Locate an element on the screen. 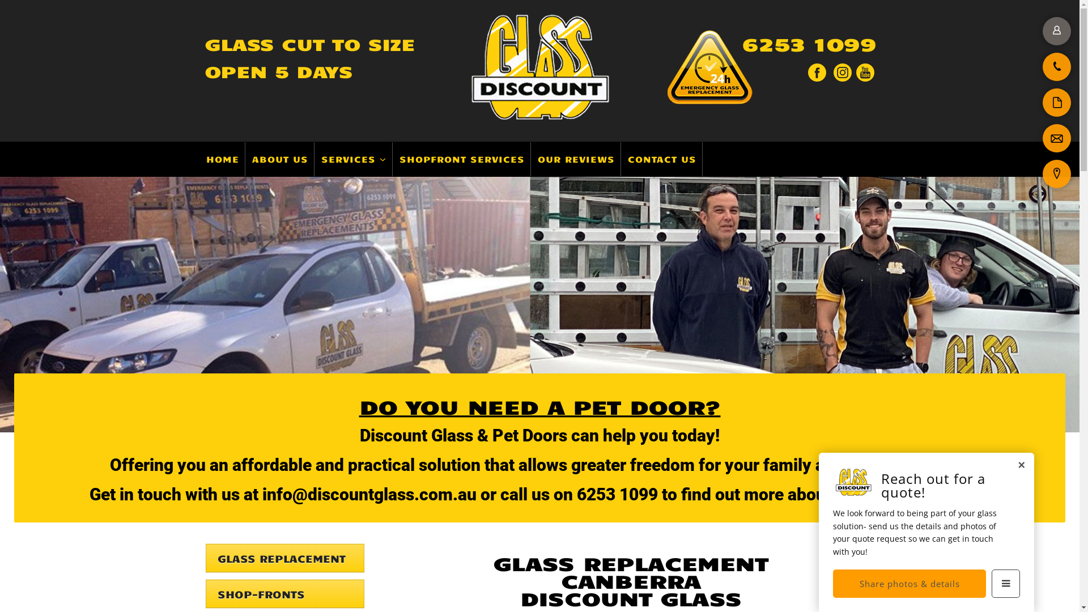  'HOME' is located at coordinates (223, 159).